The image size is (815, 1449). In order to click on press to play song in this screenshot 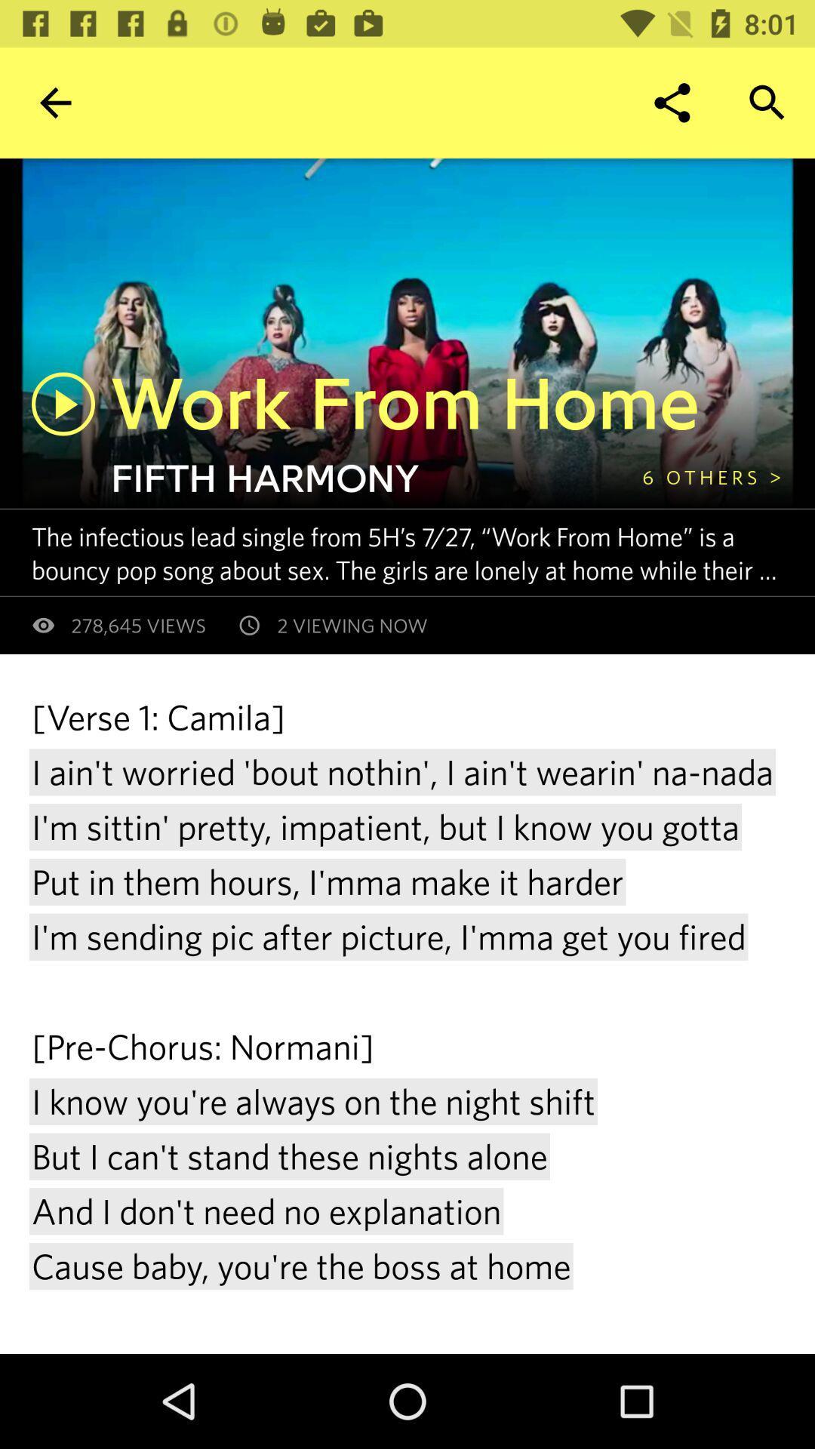, I will do `click(63, 404)`.